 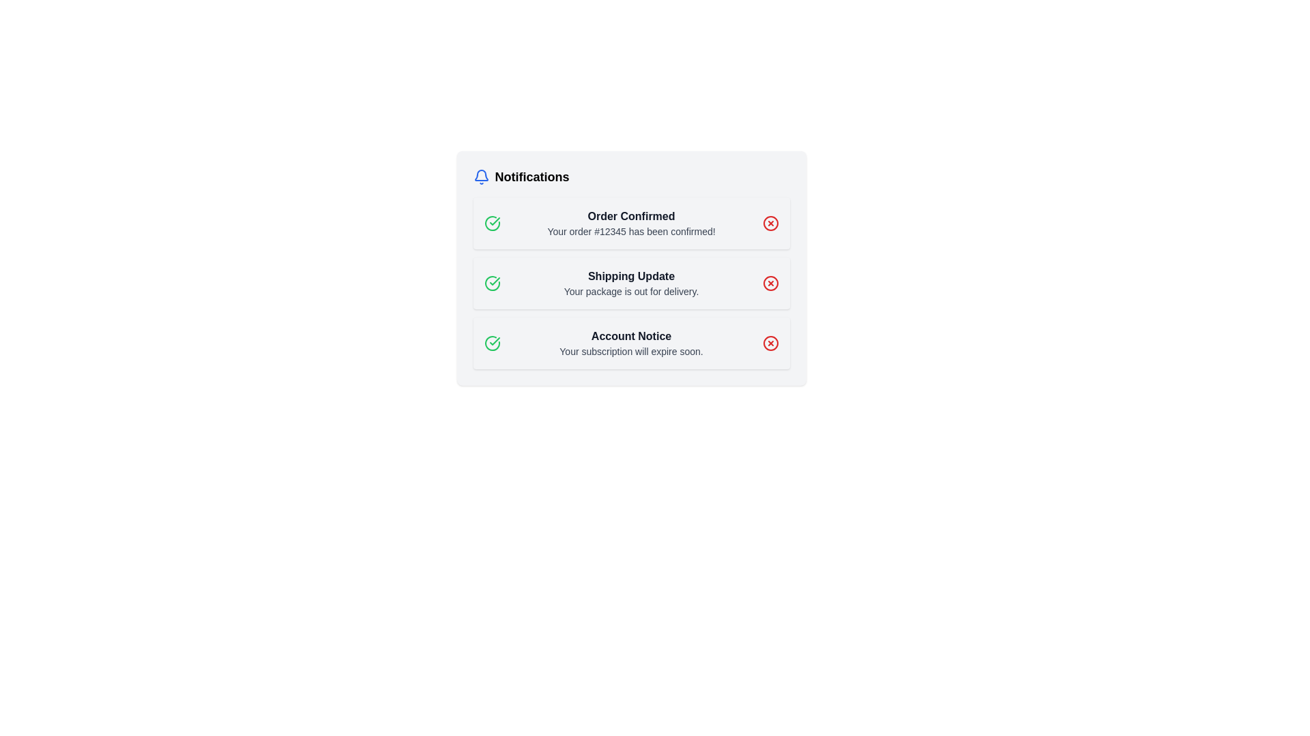 What do you see at coordinates (491, 283) in the screenshot?
I see `the circular green icon with a check mark inside, which indicates a confirmation state, located to the left of the 'Shipping Update' text label in the second row of the notification list` at bounding box center [491, 283].